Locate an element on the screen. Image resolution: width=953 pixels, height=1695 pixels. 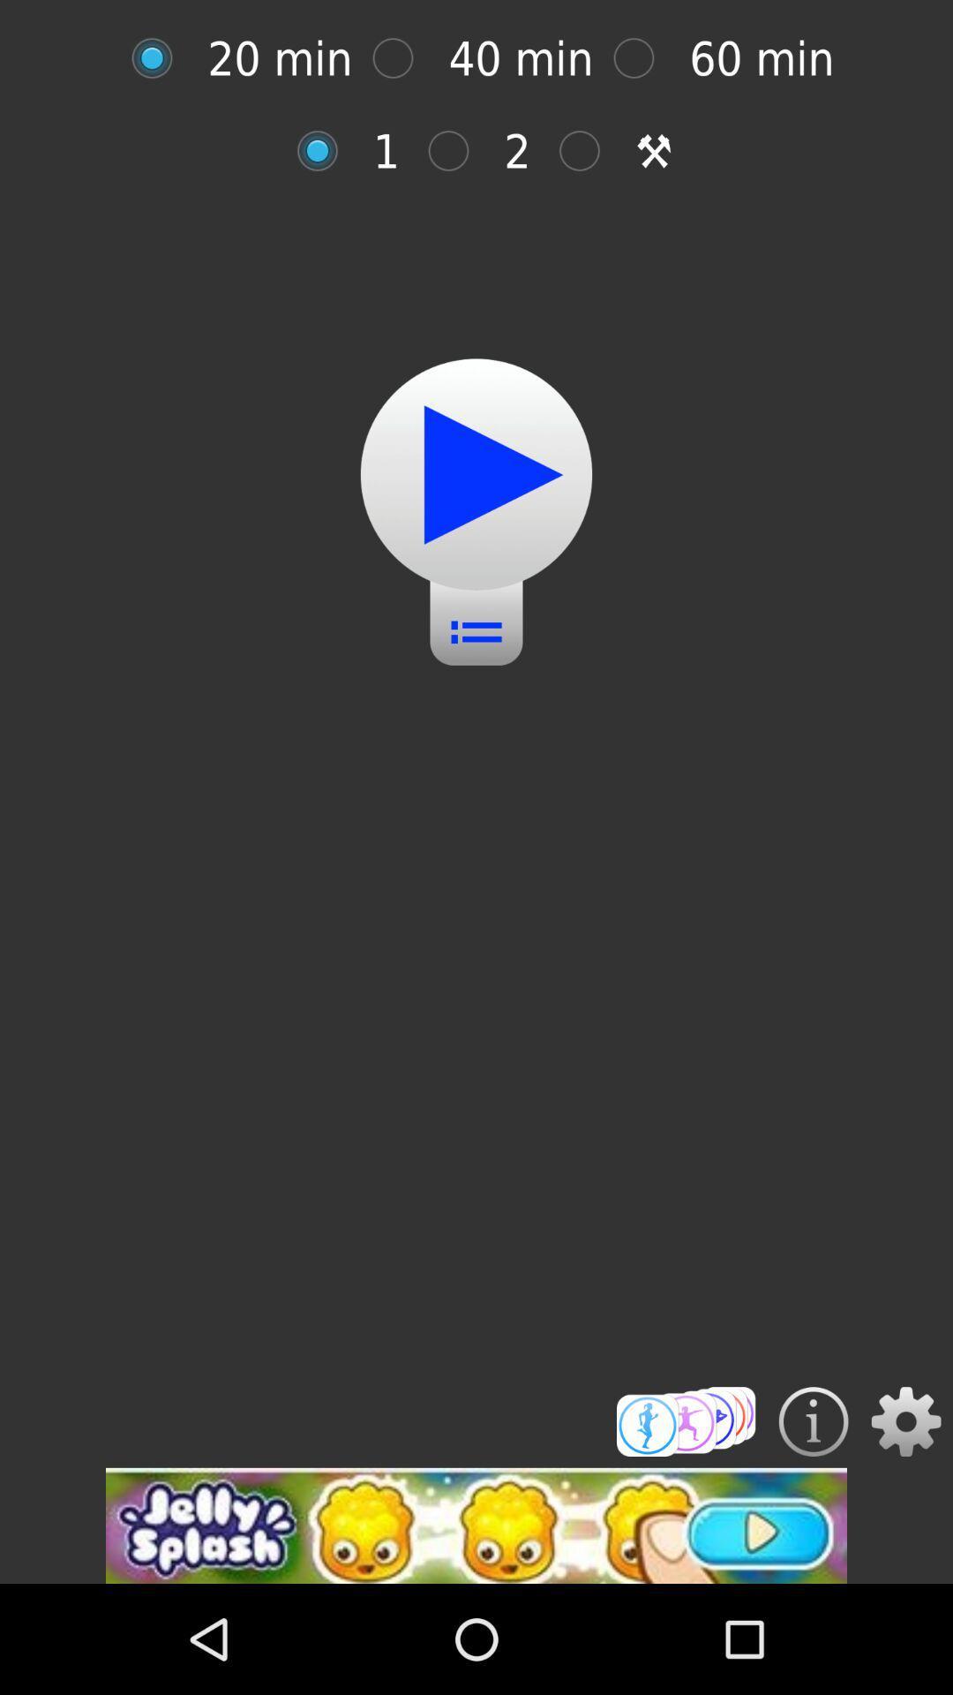
bring up settings is located at coordinates (906, 1421).